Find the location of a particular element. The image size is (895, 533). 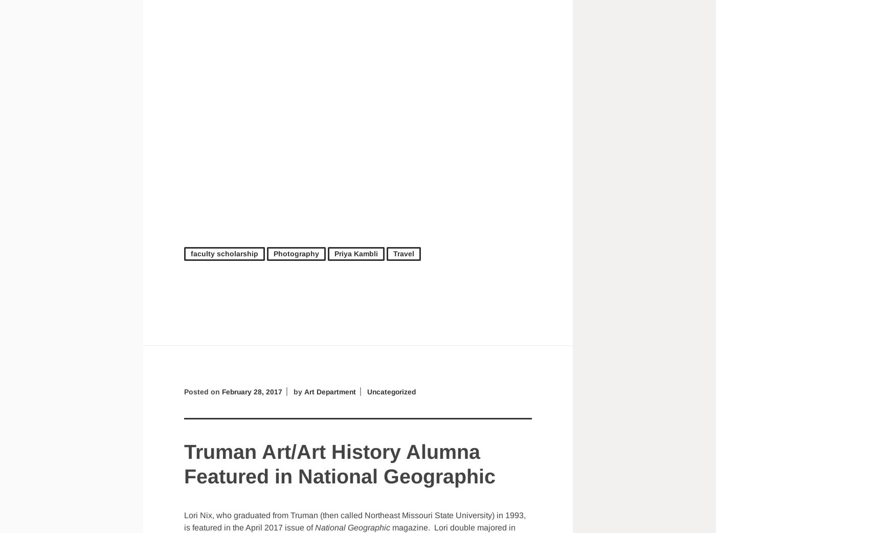

'February 28, 2017' is located at coordinates (253, 391).